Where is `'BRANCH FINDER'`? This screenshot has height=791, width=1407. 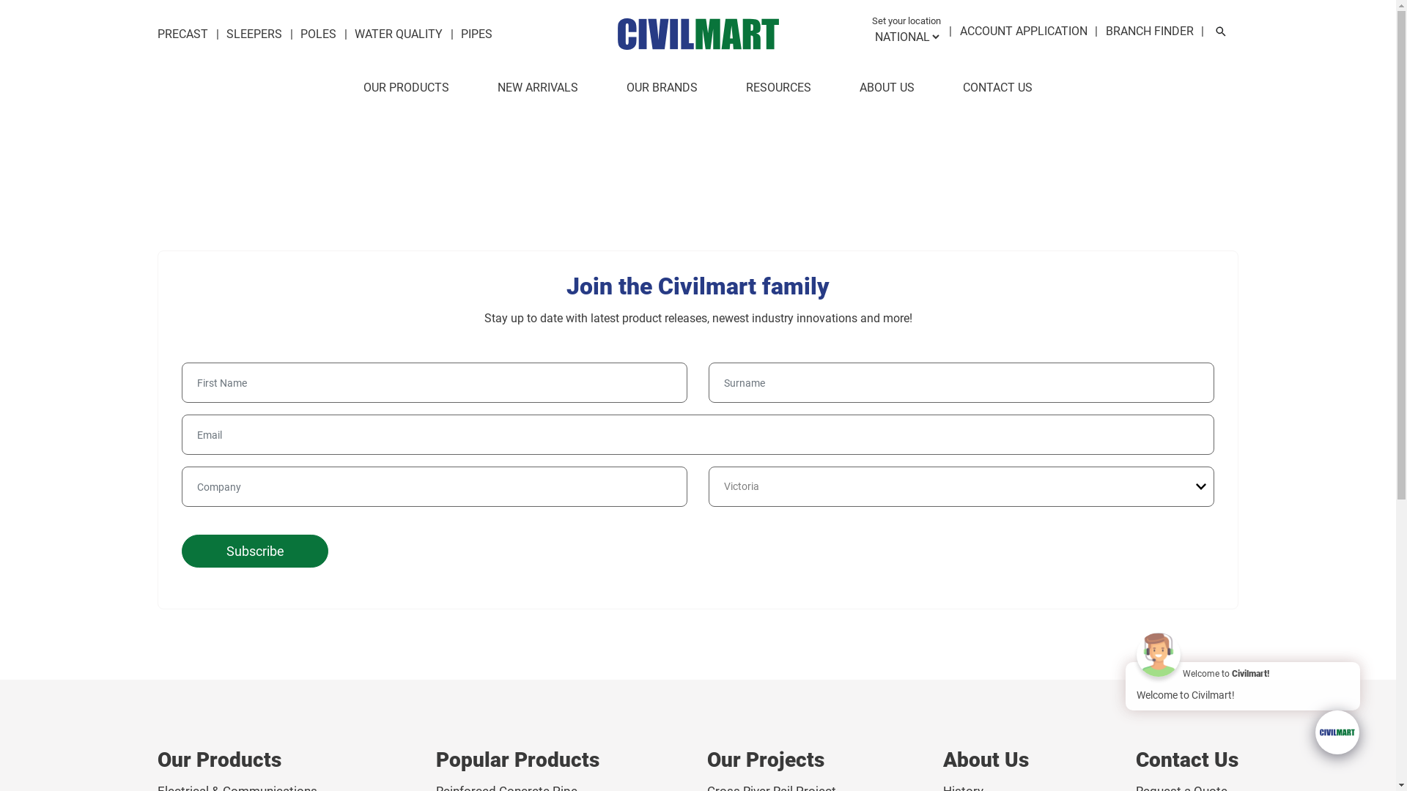
'BRANCH FINDER' is located at coordinates (1149, 31).